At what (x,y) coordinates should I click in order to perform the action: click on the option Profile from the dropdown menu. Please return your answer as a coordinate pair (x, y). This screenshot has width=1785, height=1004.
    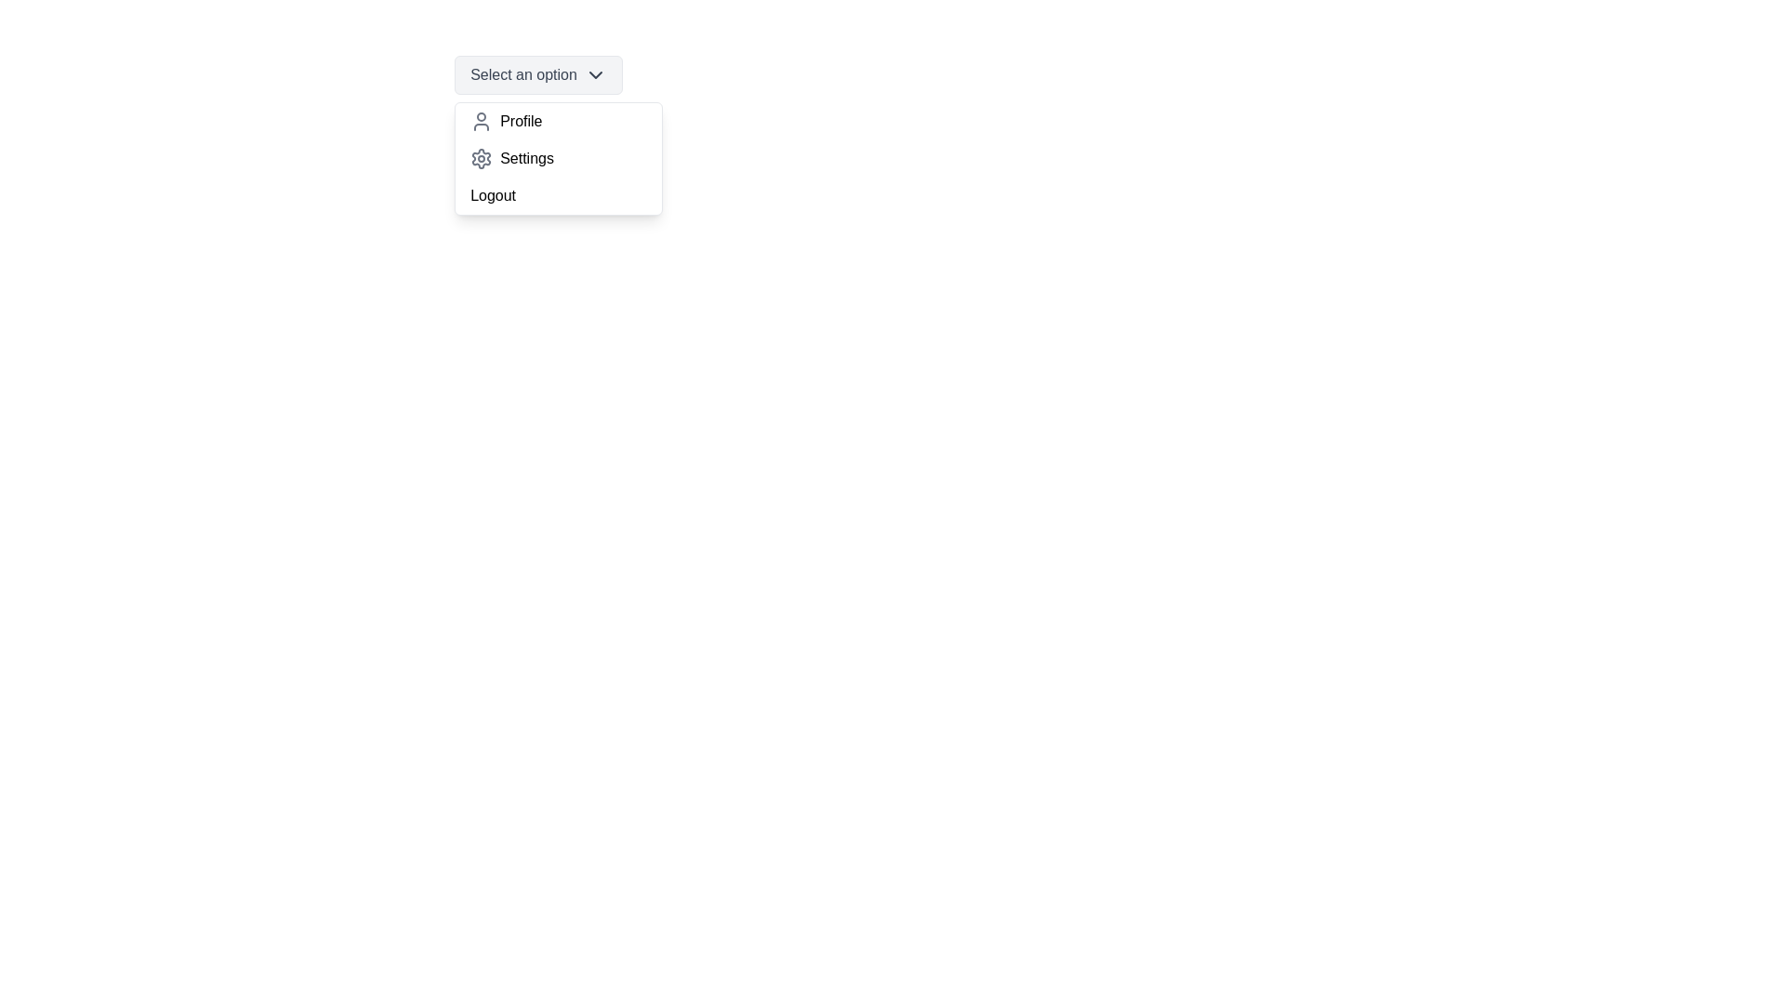
    Looking at the image, I should click on (558, 122).